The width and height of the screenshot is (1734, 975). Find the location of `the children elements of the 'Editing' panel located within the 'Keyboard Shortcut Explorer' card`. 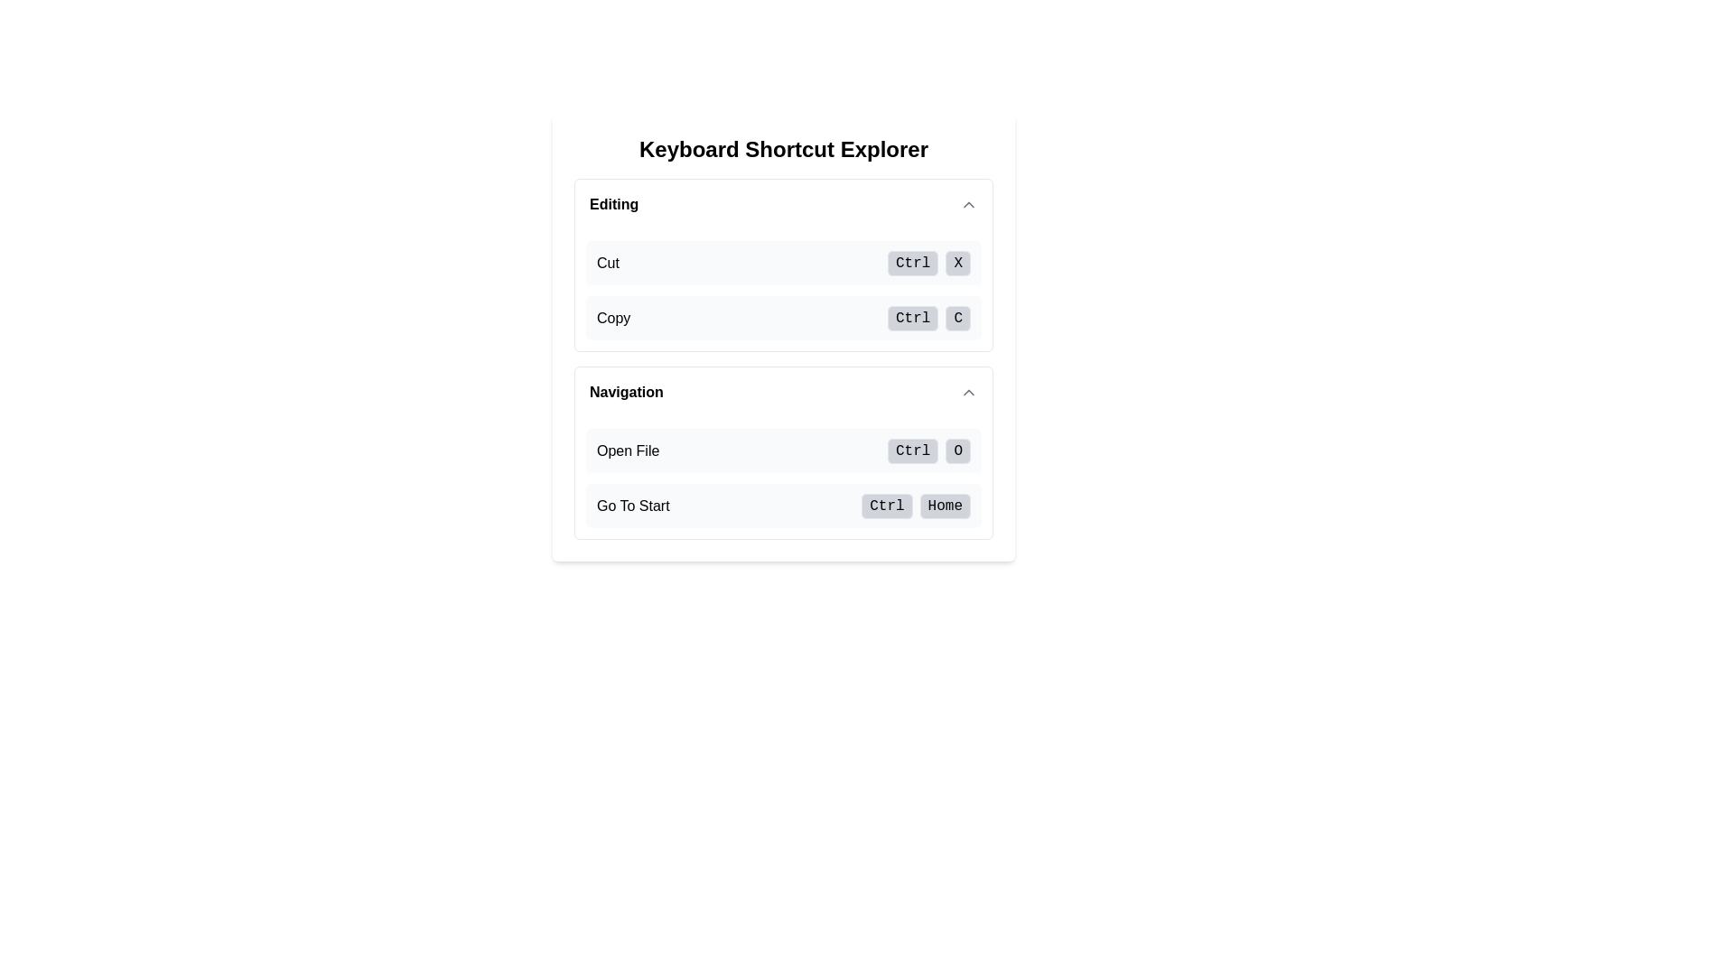

the children elements of the 'Editing' panel located within the 'Keyboard Shortcut Explorer' card is located at coordinates (784, 265).